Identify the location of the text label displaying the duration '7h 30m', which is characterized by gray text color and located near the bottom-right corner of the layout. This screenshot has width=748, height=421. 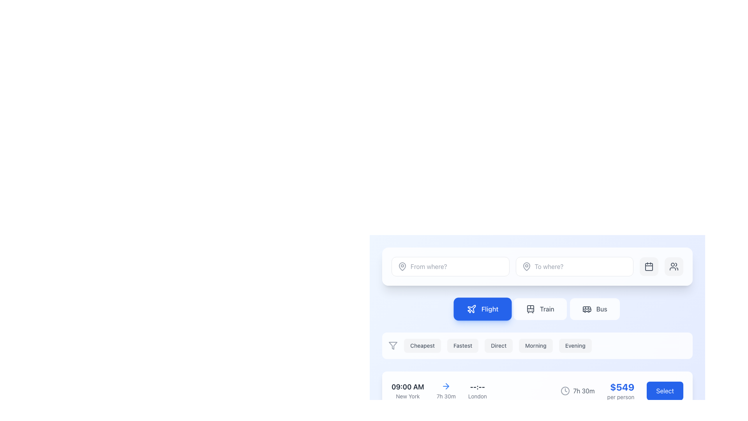
(584, 391).